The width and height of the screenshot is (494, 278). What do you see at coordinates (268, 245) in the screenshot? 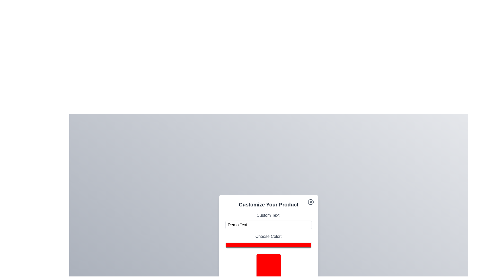
I see `the color picker to a specific color value 6408632` at bounding box center [268, 245].